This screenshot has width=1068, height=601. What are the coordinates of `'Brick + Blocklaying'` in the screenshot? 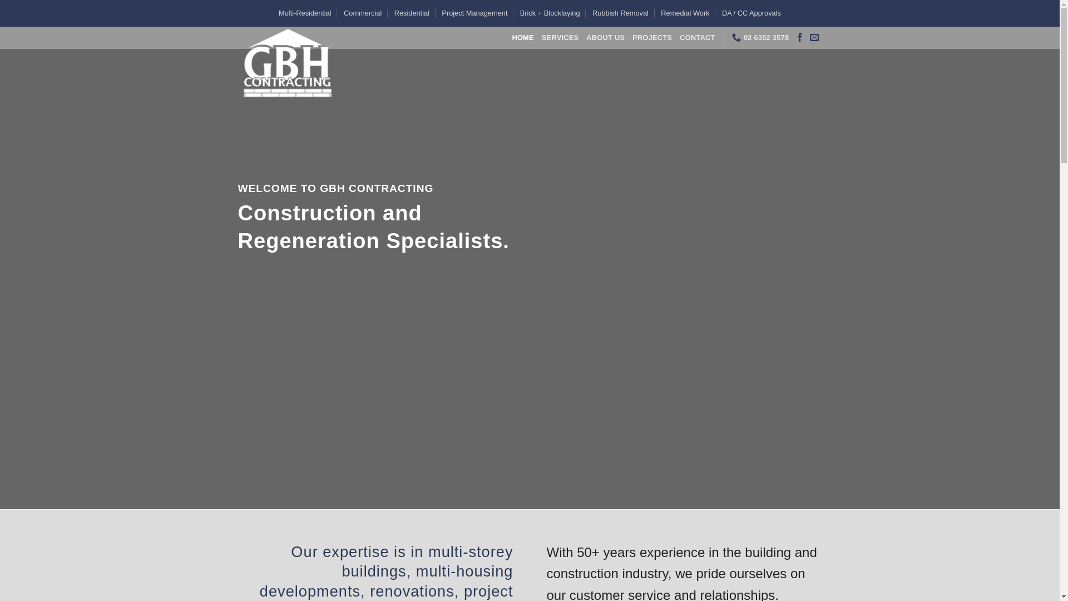 It's located at (520, 13).